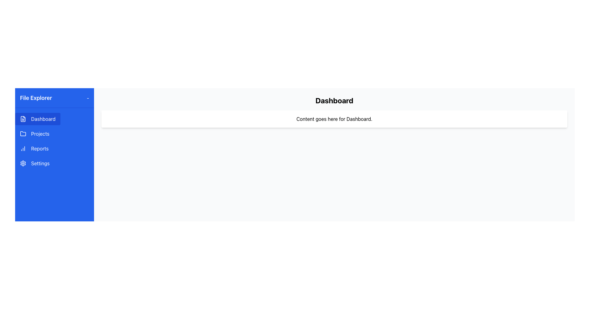 This screenshot has height=333, width=592. What do you see at coordinates (34, 149) in the screenshot?
I see `the 'Reports' navigation button, which is the third item in the vertical navigation list on the left sidebar, located between 'Projects' and 'Settings'` at bounding box center [34, 149].